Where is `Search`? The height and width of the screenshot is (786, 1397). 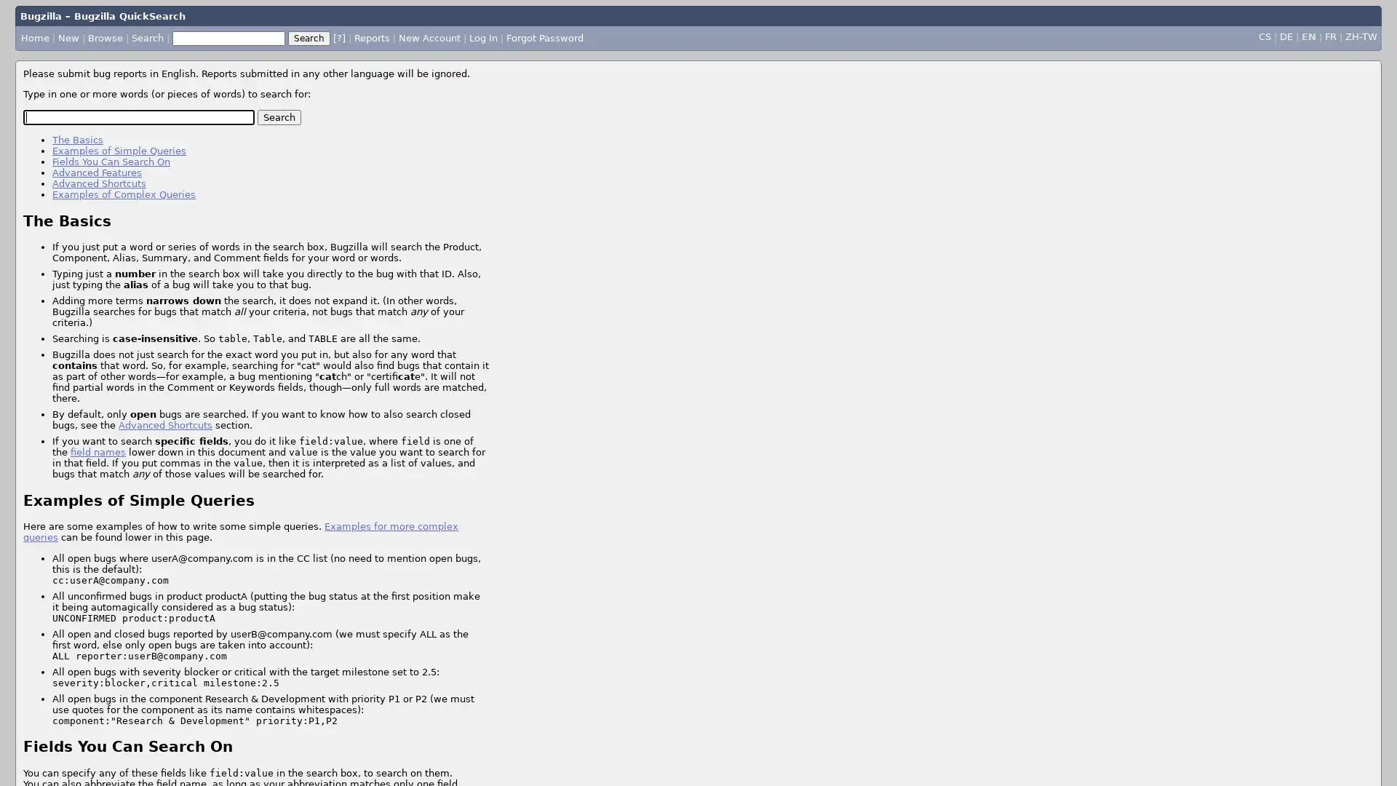 Search is located at coordinates (279, 116).